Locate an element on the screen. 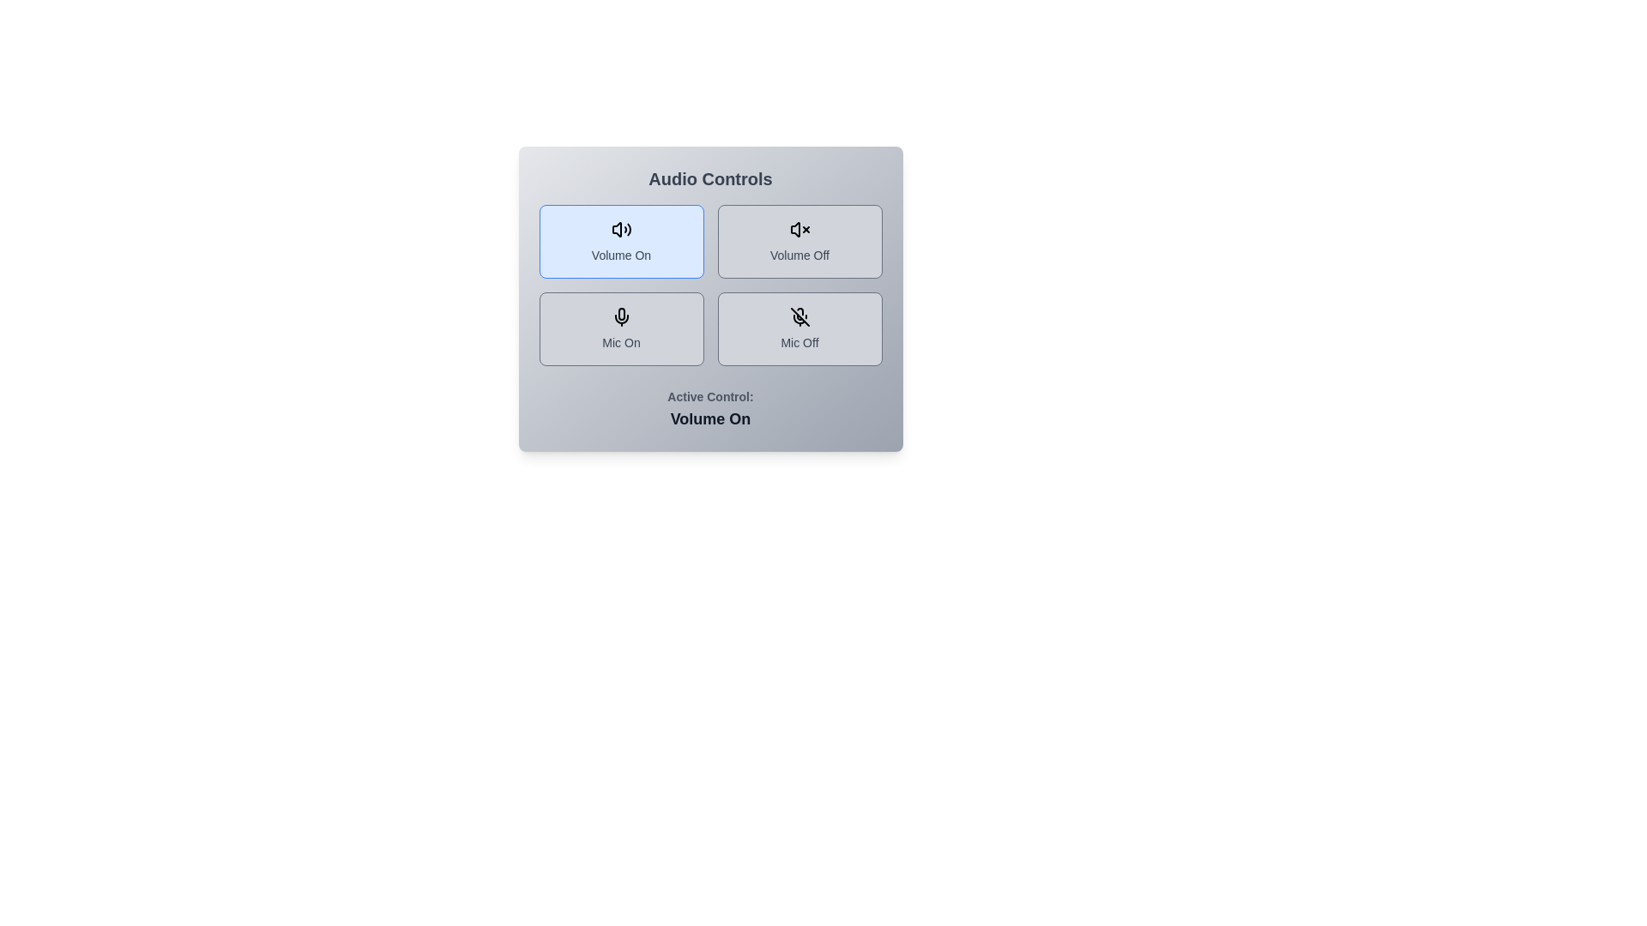 The image size is (1647, 926). the button labeled 'Mic Off' to observe its hover effect is located at coordinates (799, 329).